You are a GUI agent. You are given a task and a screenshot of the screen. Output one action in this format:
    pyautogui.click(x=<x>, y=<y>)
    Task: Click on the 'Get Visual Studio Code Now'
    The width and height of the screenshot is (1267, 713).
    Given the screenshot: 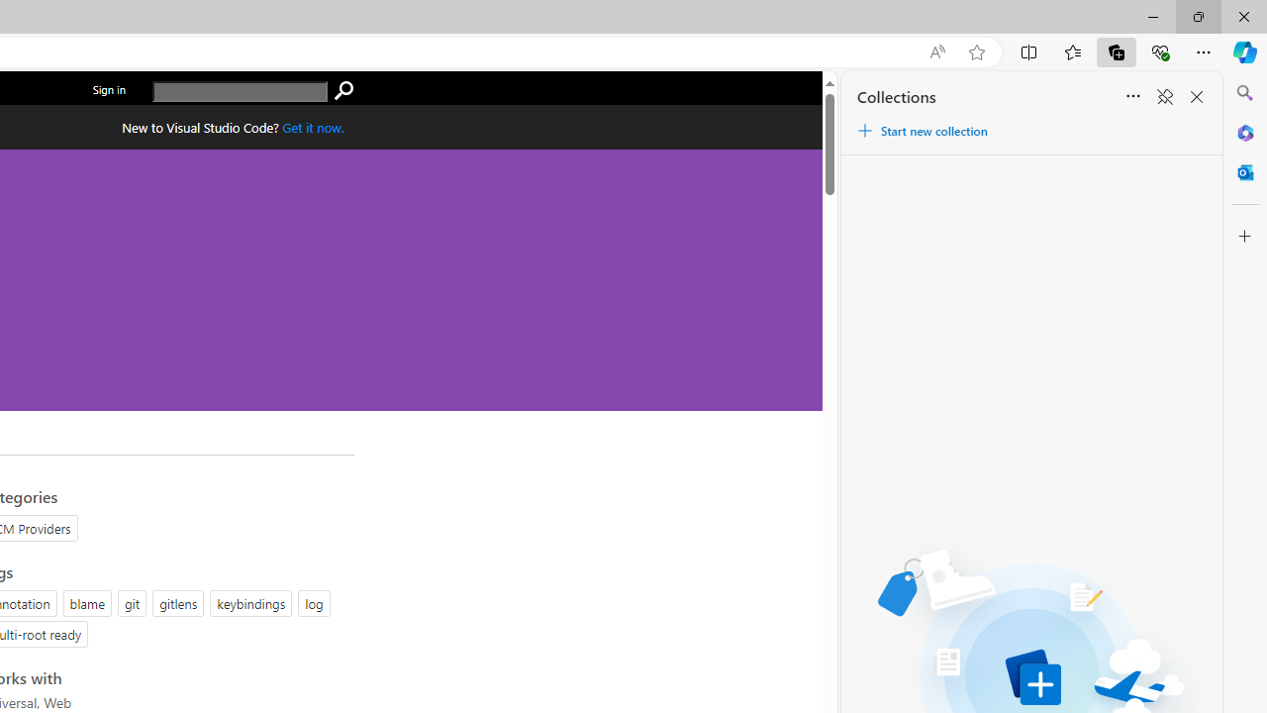 What is the action you would take?
    pyautogui.click(x=312, y=127)
    